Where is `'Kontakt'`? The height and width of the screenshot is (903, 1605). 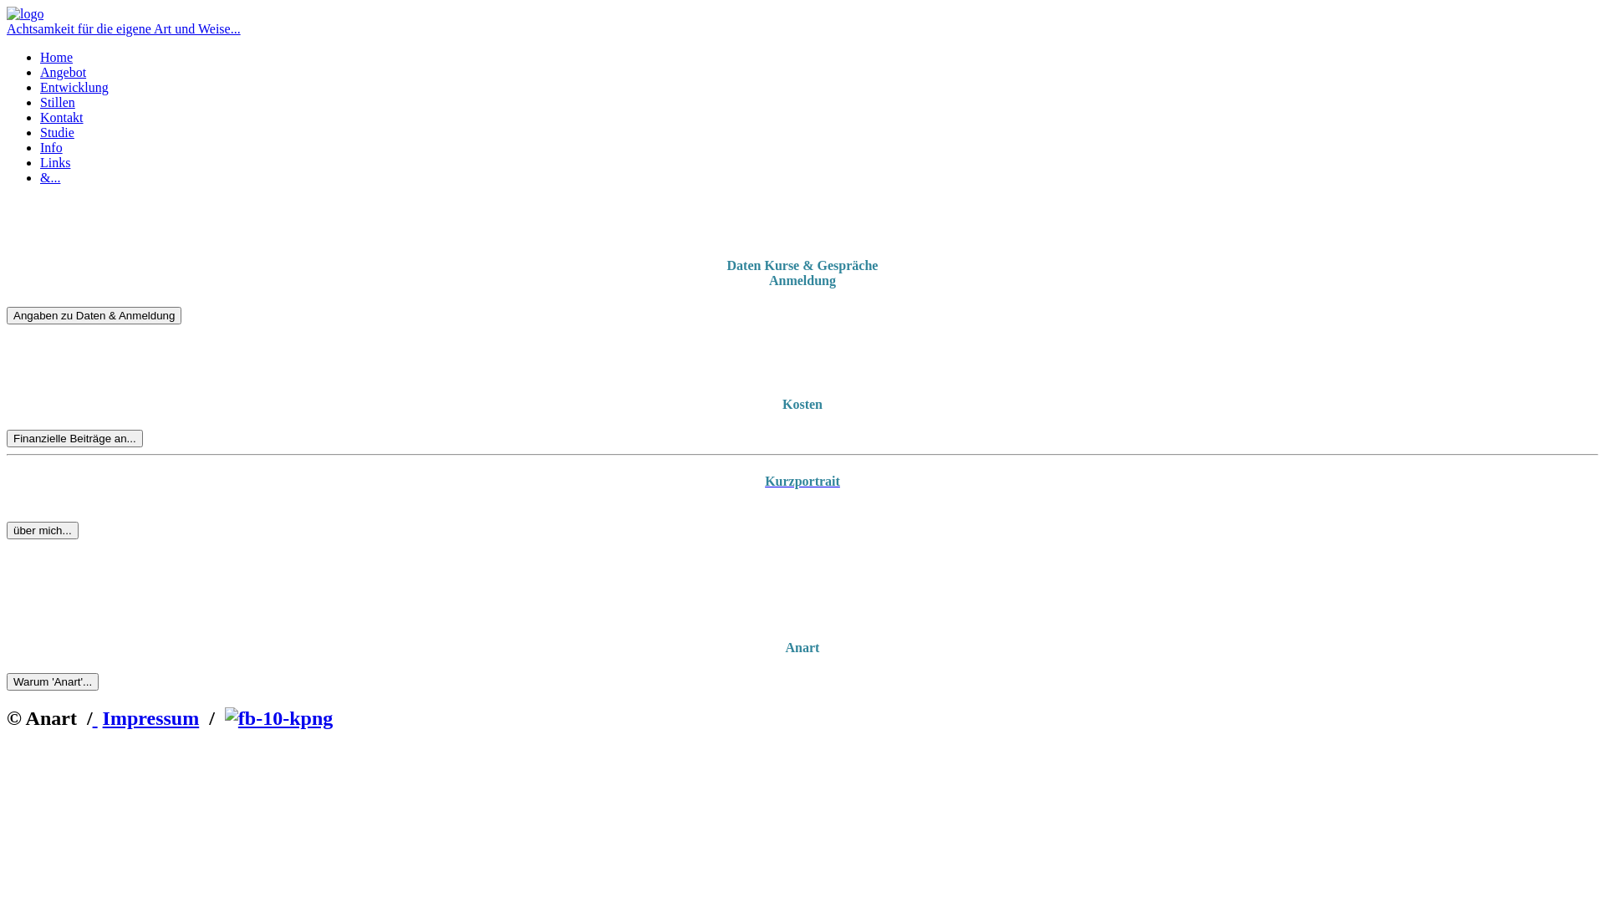
'Kontakt' is located at coordinates (61, 116).